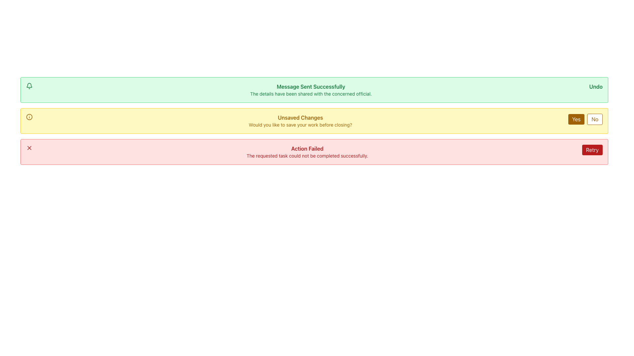  What do you see at coordinates (29, 147) in the screenshot?
I see `the red 'X' icon that is part of the 'Action Failed' banner, located near the bottom-left of the interface` at bounding box center [29, 147].